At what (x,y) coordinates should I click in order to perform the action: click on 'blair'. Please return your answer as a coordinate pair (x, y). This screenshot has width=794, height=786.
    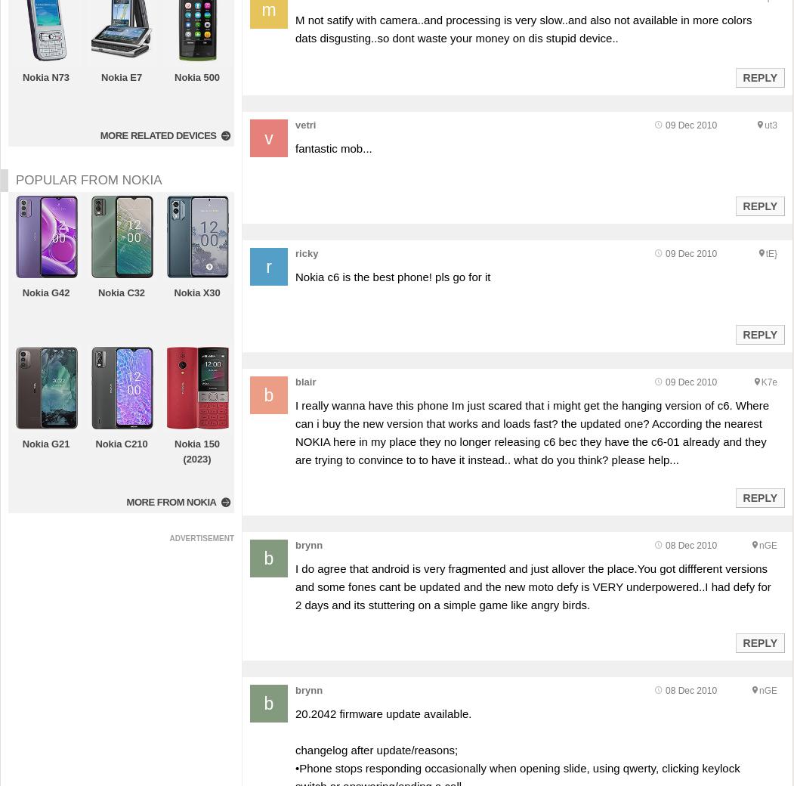
    Looking at the image, I should click on (304, 381).